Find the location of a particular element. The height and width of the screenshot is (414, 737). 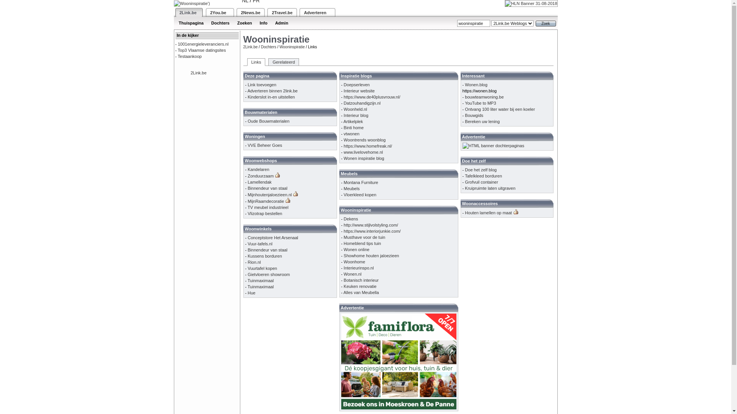

'Mijnhoutenjaloezieen.nl' is located at coordinates (269, 194).